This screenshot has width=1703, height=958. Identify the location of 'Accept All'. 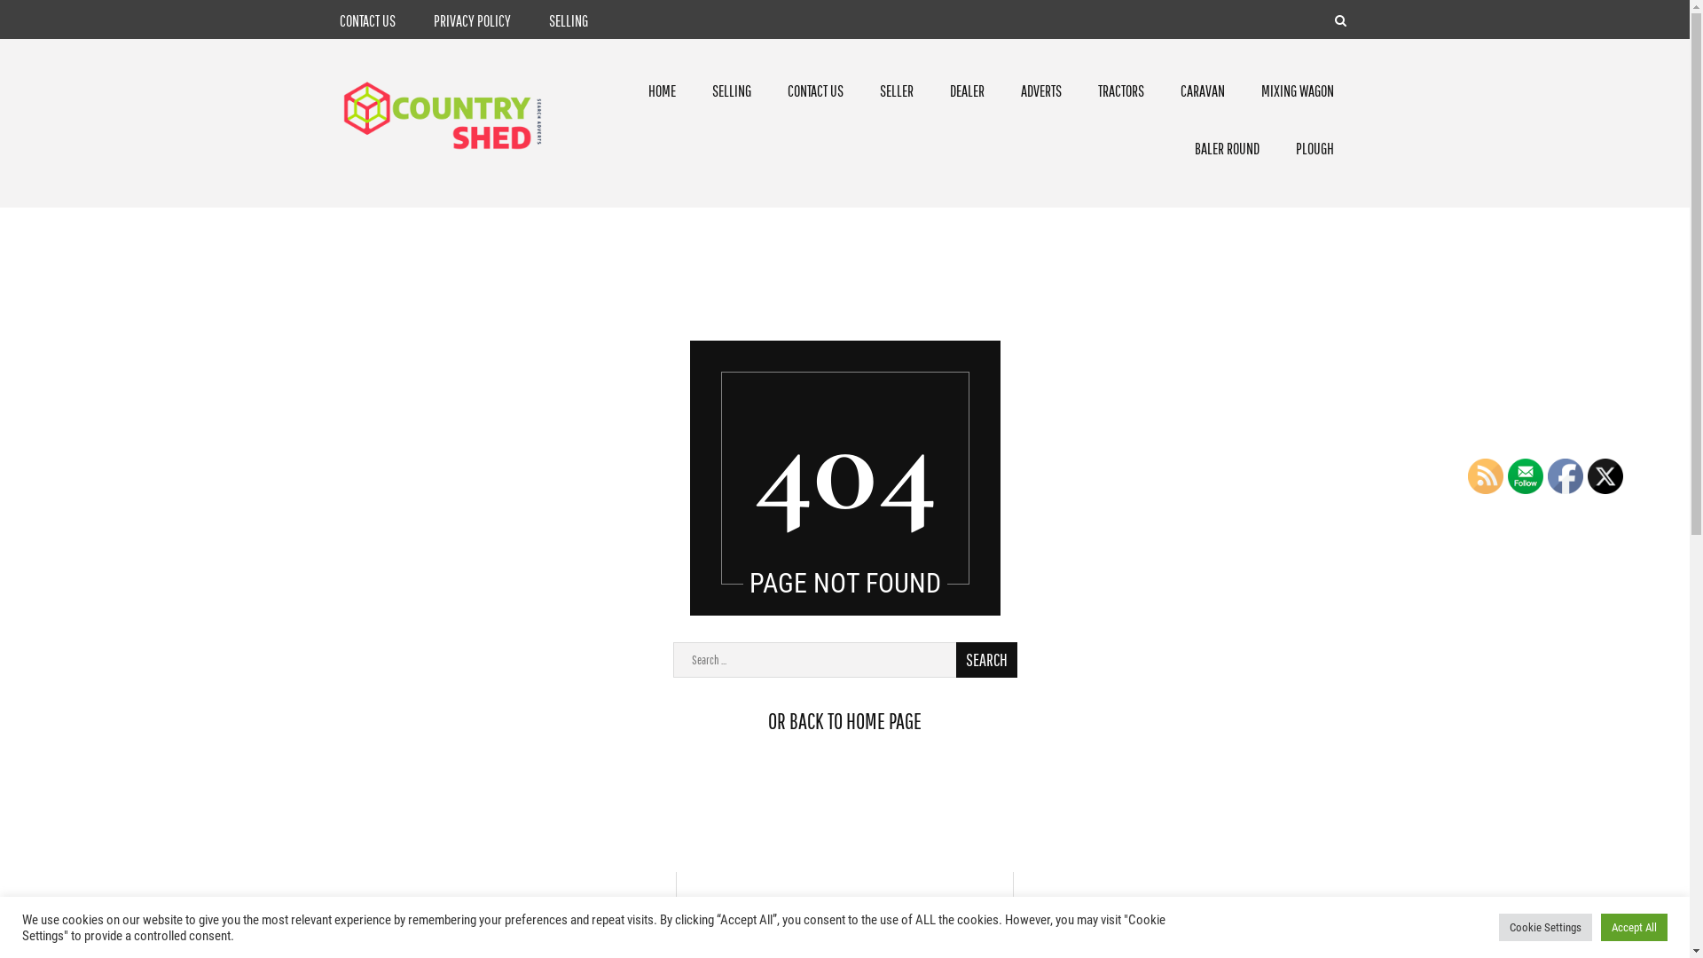
(1600, 926).